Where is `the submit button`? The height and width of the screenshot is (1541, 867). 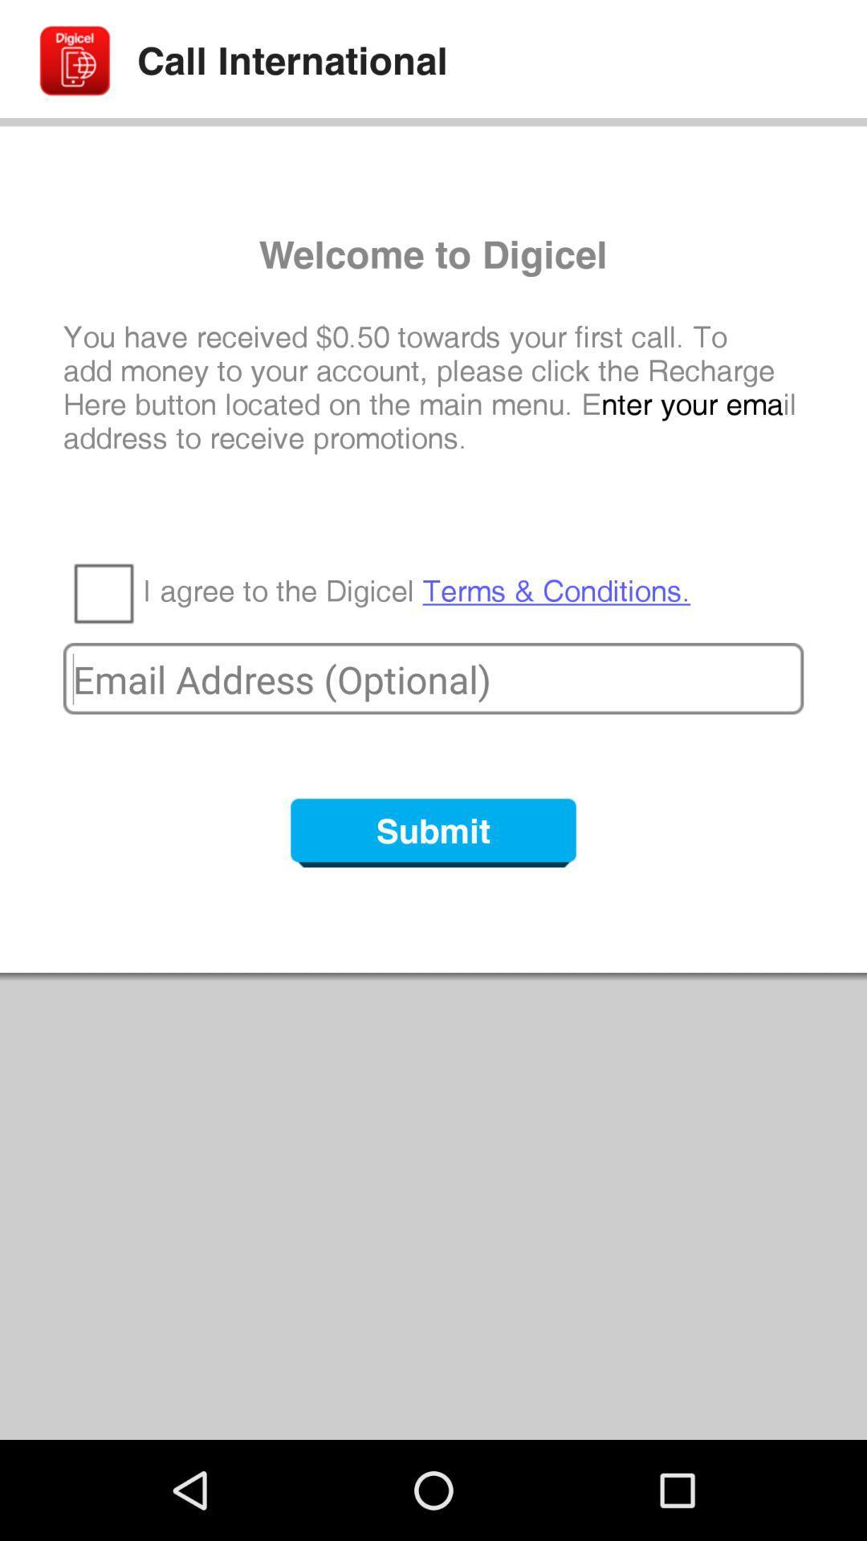
the submit button is located at coordinates (433, 832).